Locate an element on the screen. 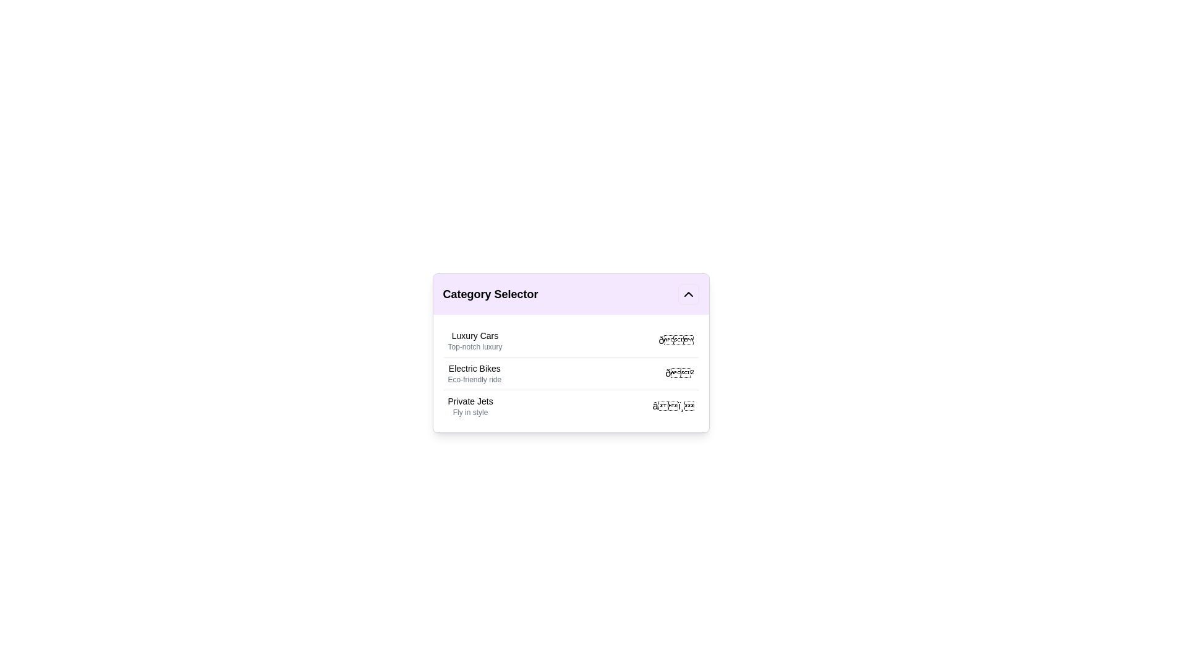 This screenshot has width=1187, height=668. the 'Electric Bikes' text label in the 'Category Selector' dropdown menu is located at coordinates (474, 373).